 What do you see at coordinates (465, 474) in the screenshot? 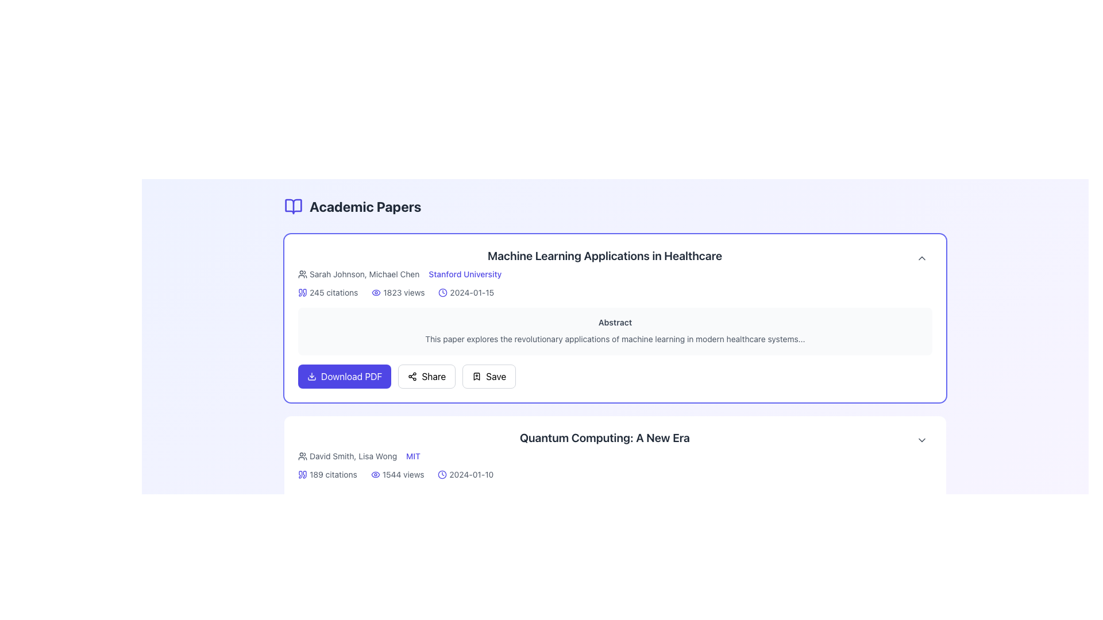
I see `the text label displaying '2024-01-10' with a circular clock icon to its left, positioned as the last element in the second entry of a list` at bounding box center [465, 474].